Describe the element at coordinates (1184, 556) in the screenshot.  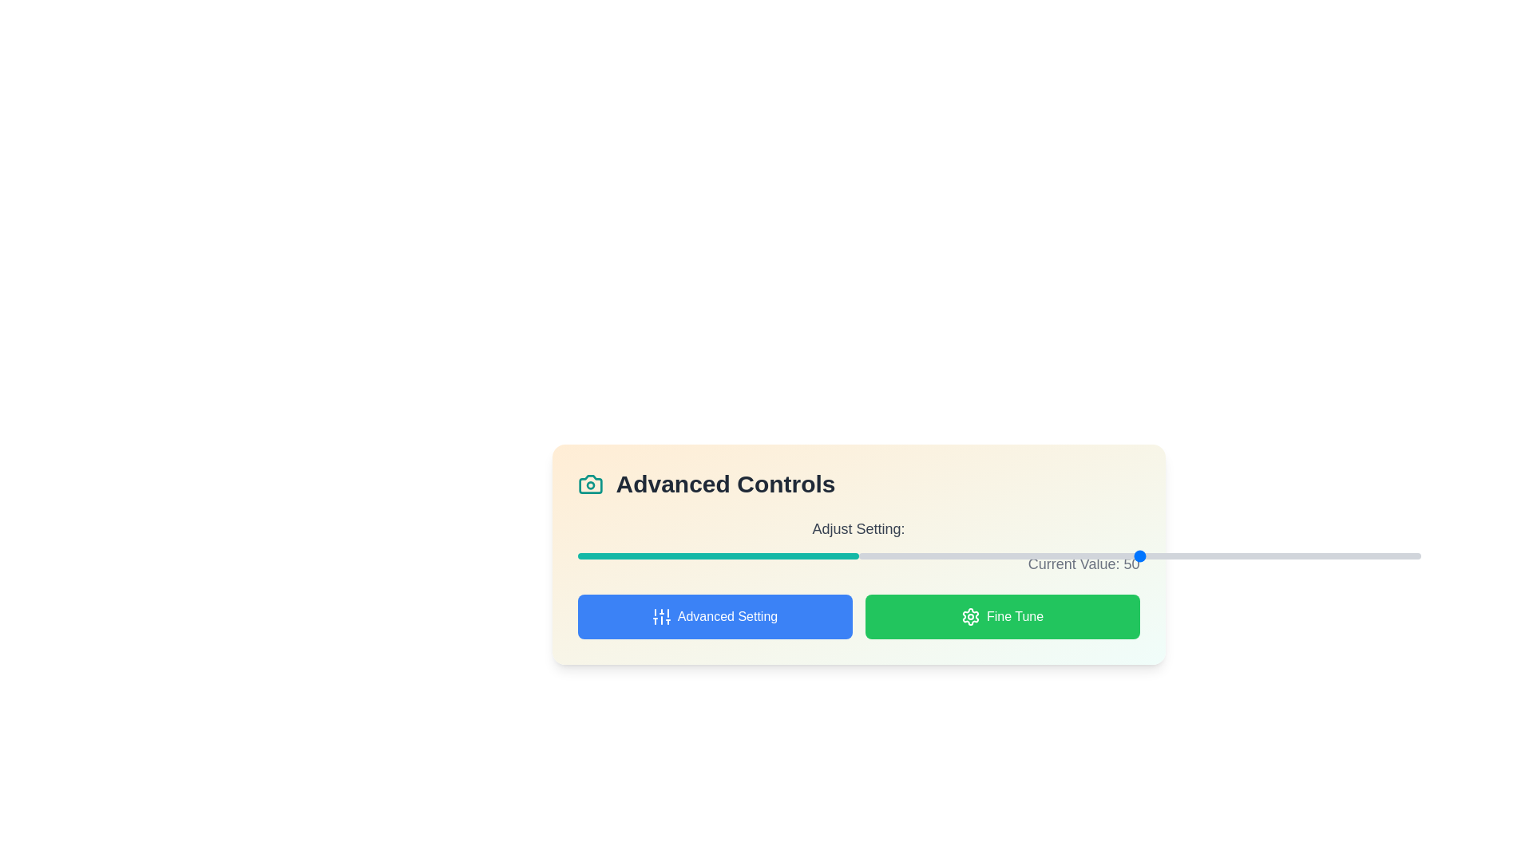
I see `the slider value` at that location.